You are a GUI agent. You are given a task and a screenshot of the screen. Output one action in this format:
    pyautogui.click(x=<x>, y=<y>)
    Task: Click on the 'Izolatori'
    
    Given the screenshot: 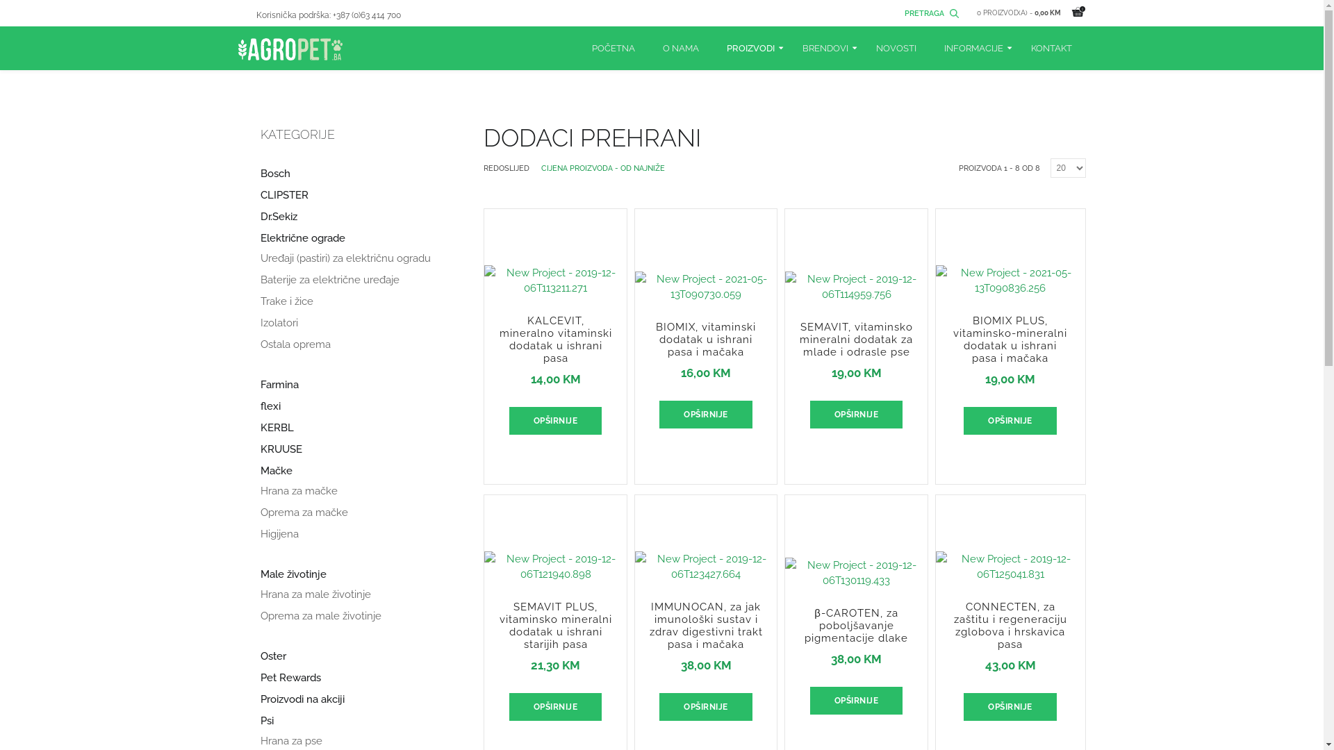 What is the action you would take?
    pyautogui.click(x=278, y=323)
    